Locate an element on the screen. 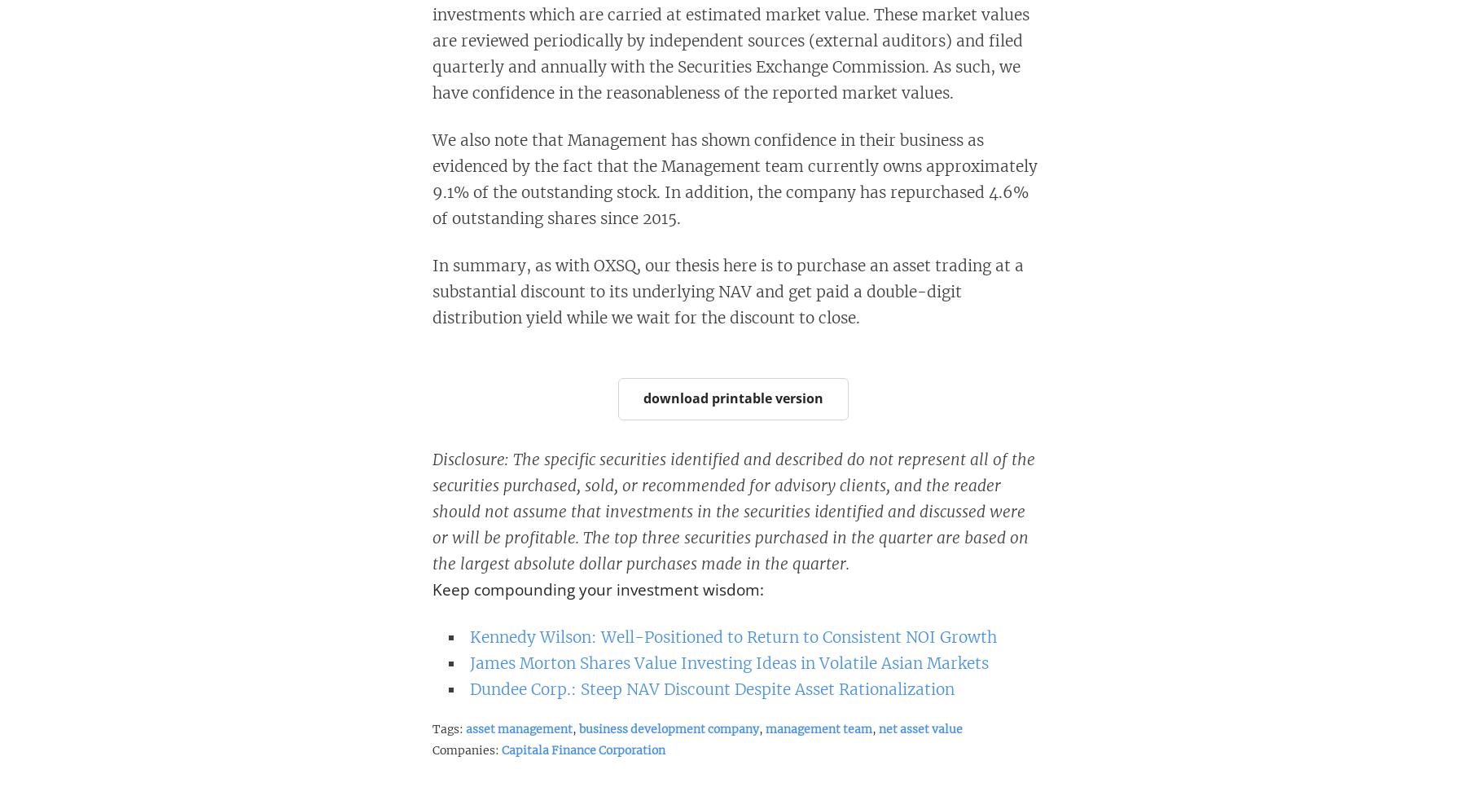  'Capitala Finance Corporation' is located at coordinates (582, 749).